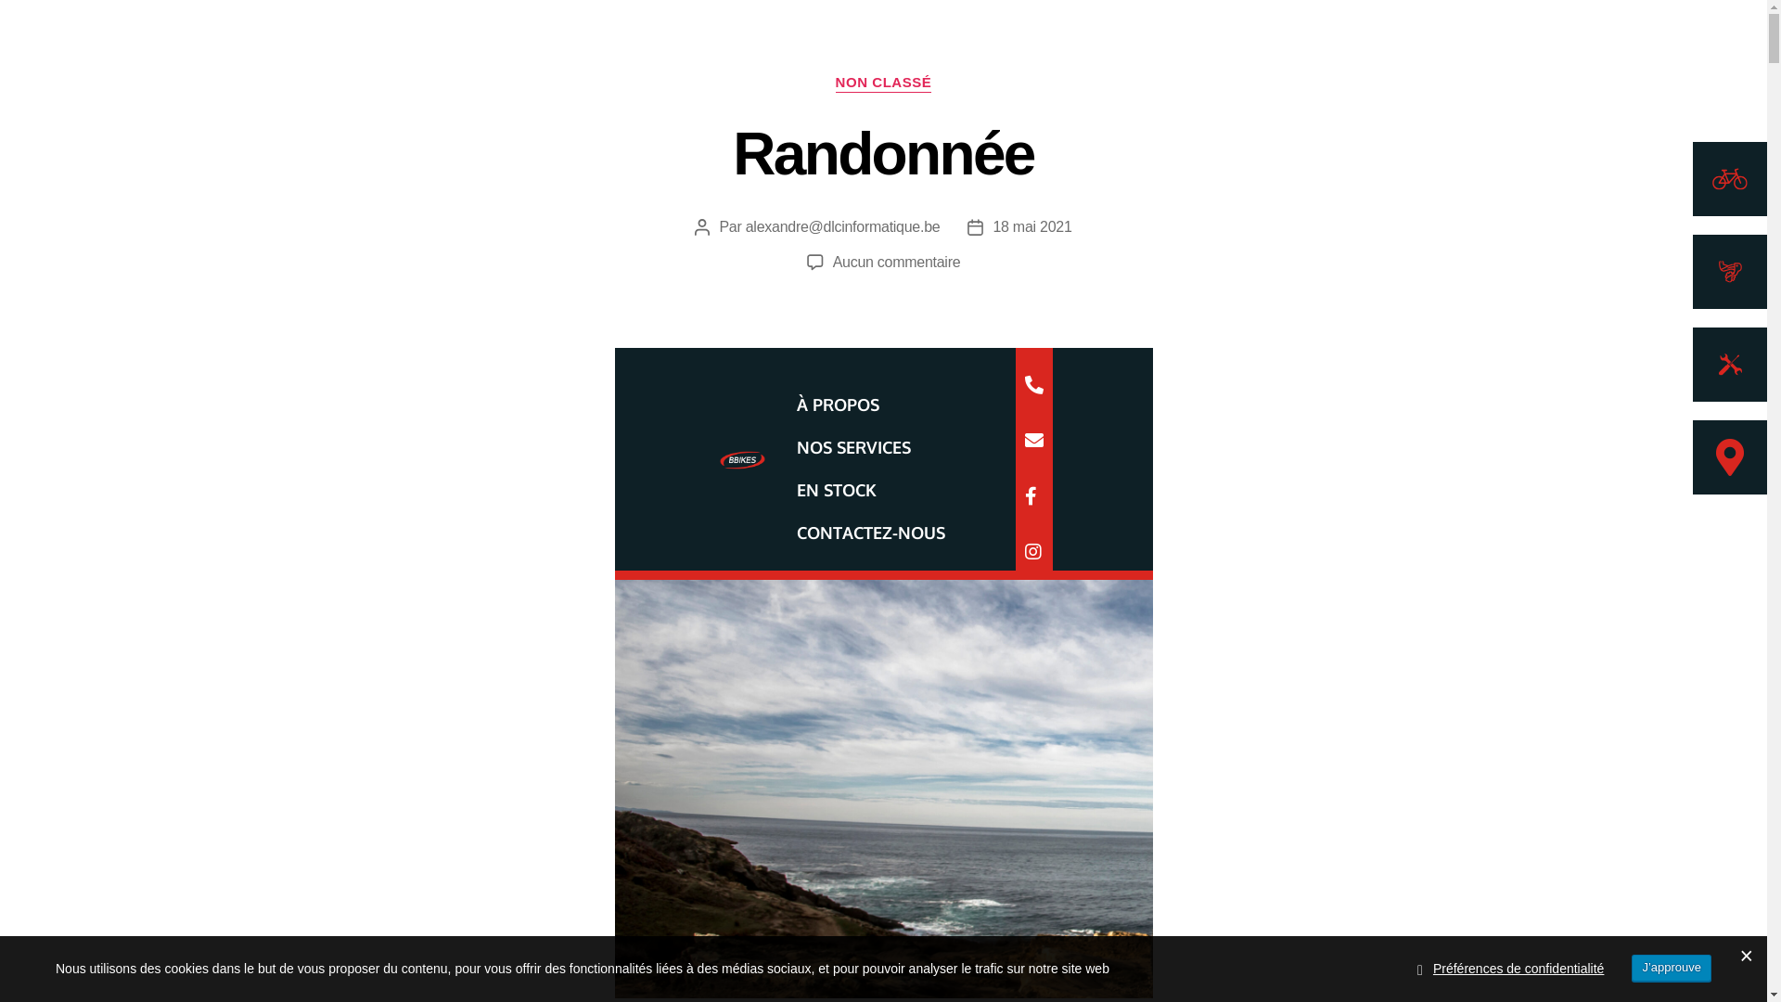 The width and height of the screenshot is (1781, 1002). What do you see at coordinates (777, 533) in the screenshot?
I see `'CONTACTEZ-NOUS'` at bounding box center [777, 533].